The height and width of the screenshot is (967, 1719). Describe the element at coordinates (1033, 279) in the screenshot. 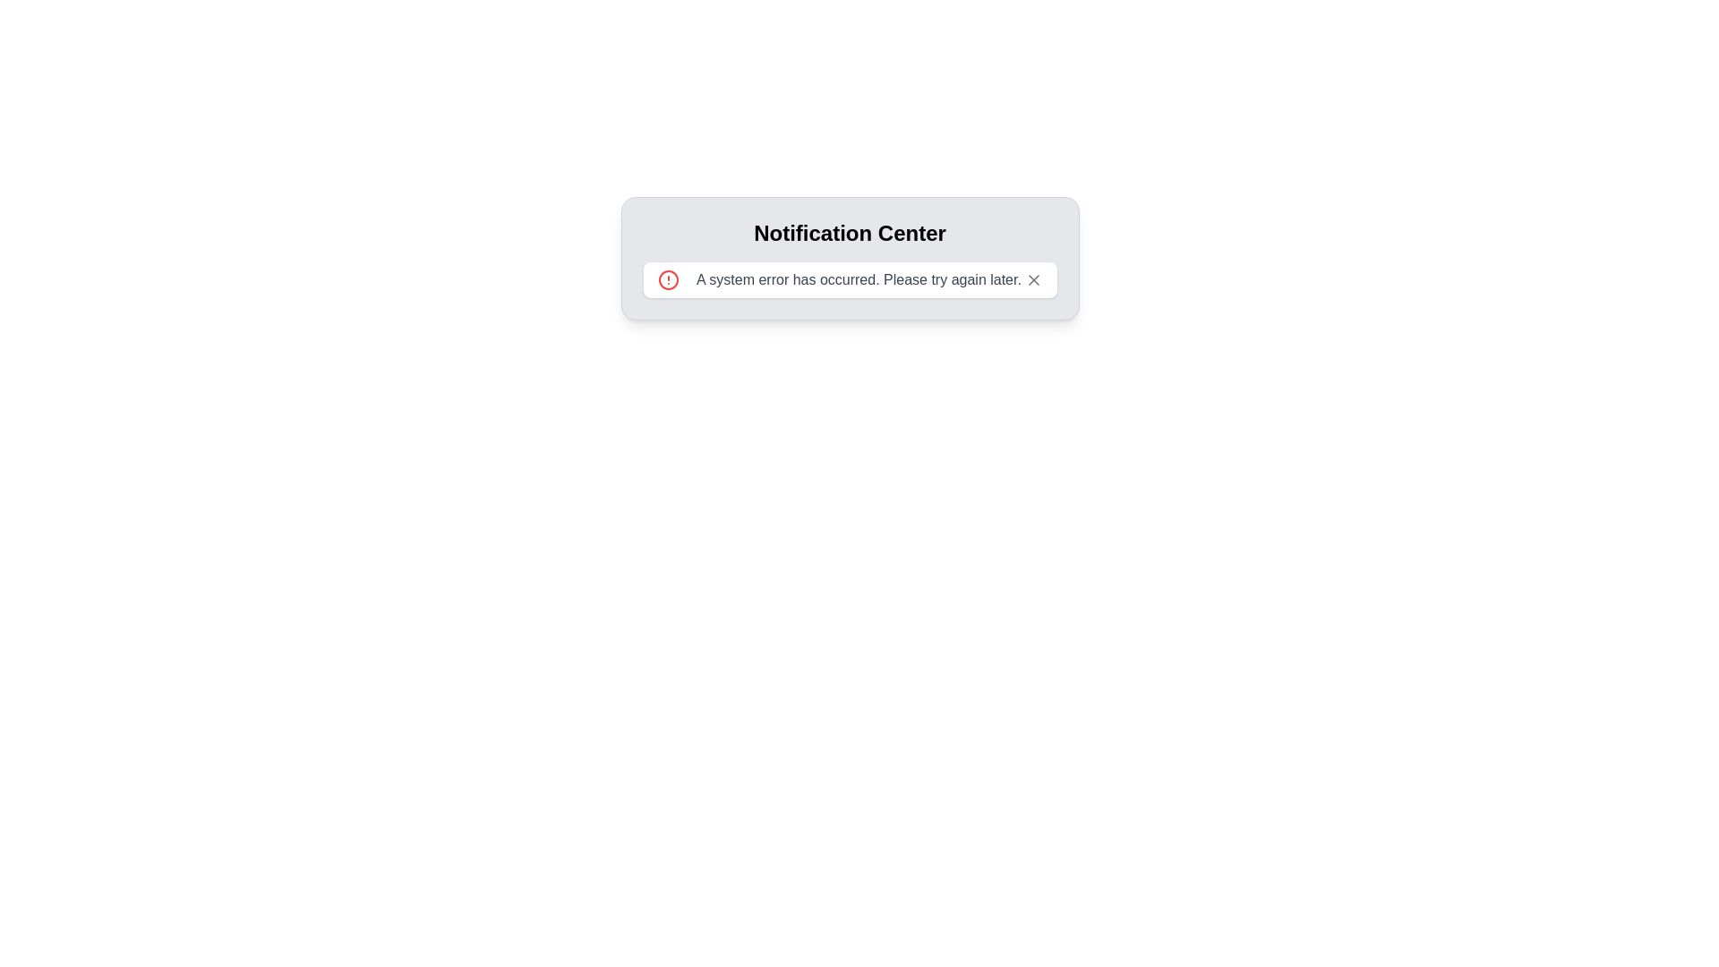

I see `the close icon (SVG graphic) that serves as a visual indicator for dismissing the associated error notification, located at the end of the error message text within the notification box` at that location.